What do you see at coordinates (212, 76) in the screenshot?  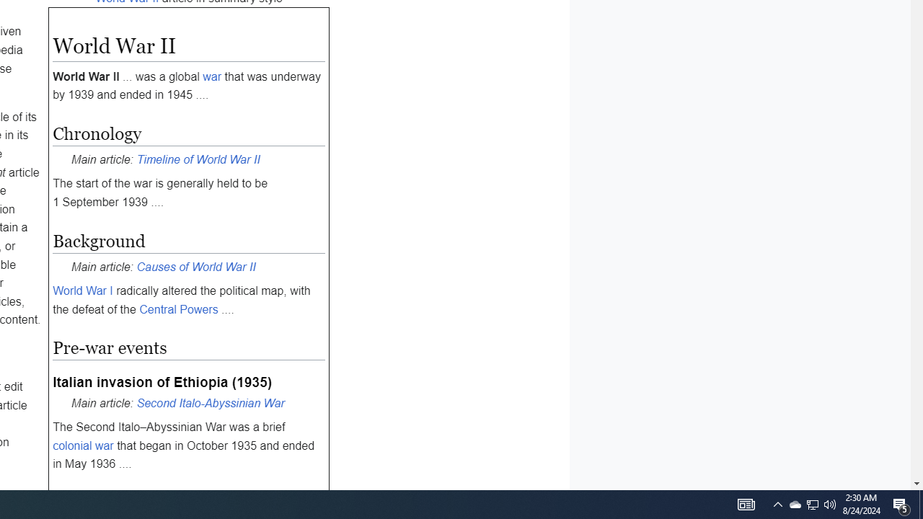 I see `'war'` at bounding box center [212, 76].